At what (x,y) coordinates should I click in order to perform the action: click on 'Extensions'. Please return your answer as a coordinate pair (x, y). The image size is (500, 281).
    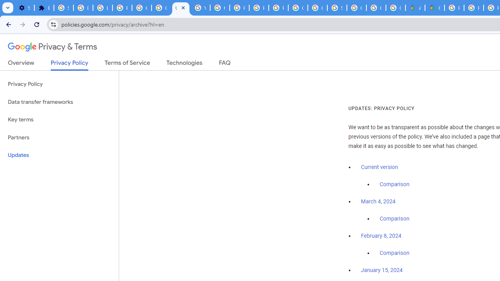
    Looking at the image, I should click on (44, 8).